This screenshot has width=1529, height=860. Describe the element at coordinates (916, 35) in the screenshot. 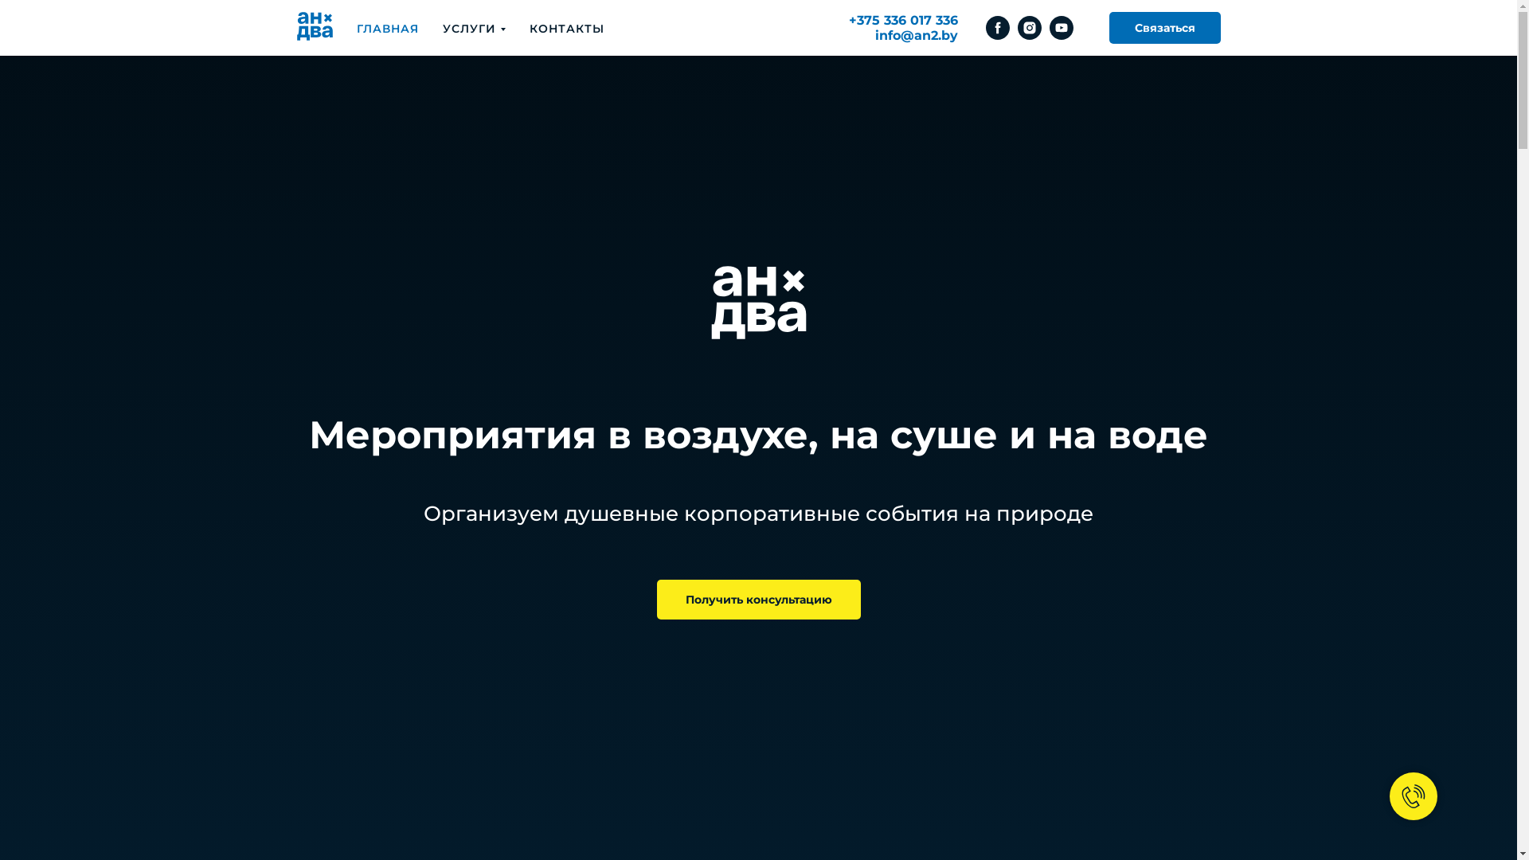

I see `'info@an2.by'` at that location.